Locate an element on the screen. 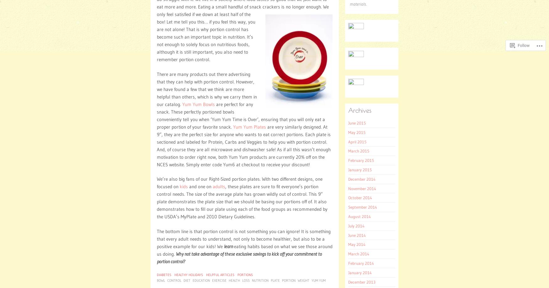 Image resolution: width=549 pixels, height=288 pixels. 'July 2014' is located at coordinates (356, 225).